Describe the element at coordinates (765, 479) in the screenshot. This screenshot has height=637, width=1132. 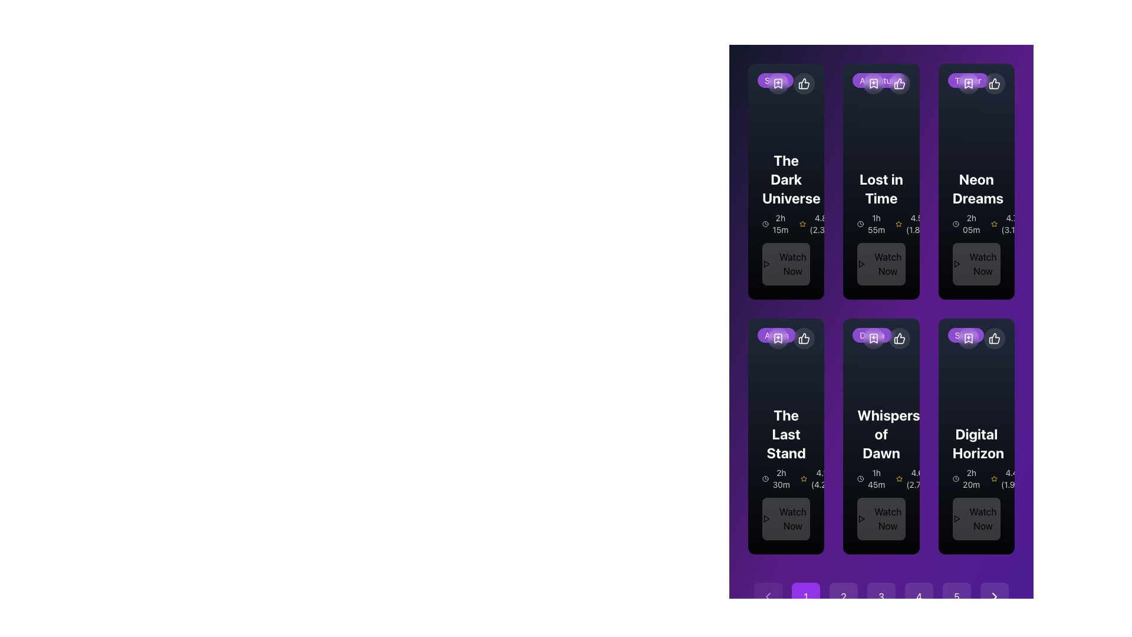
I see `the clock icon that visually indicates the duration '2h 30m', which is located to the left of the text and below the heading 'The Last Stand'` at that location.